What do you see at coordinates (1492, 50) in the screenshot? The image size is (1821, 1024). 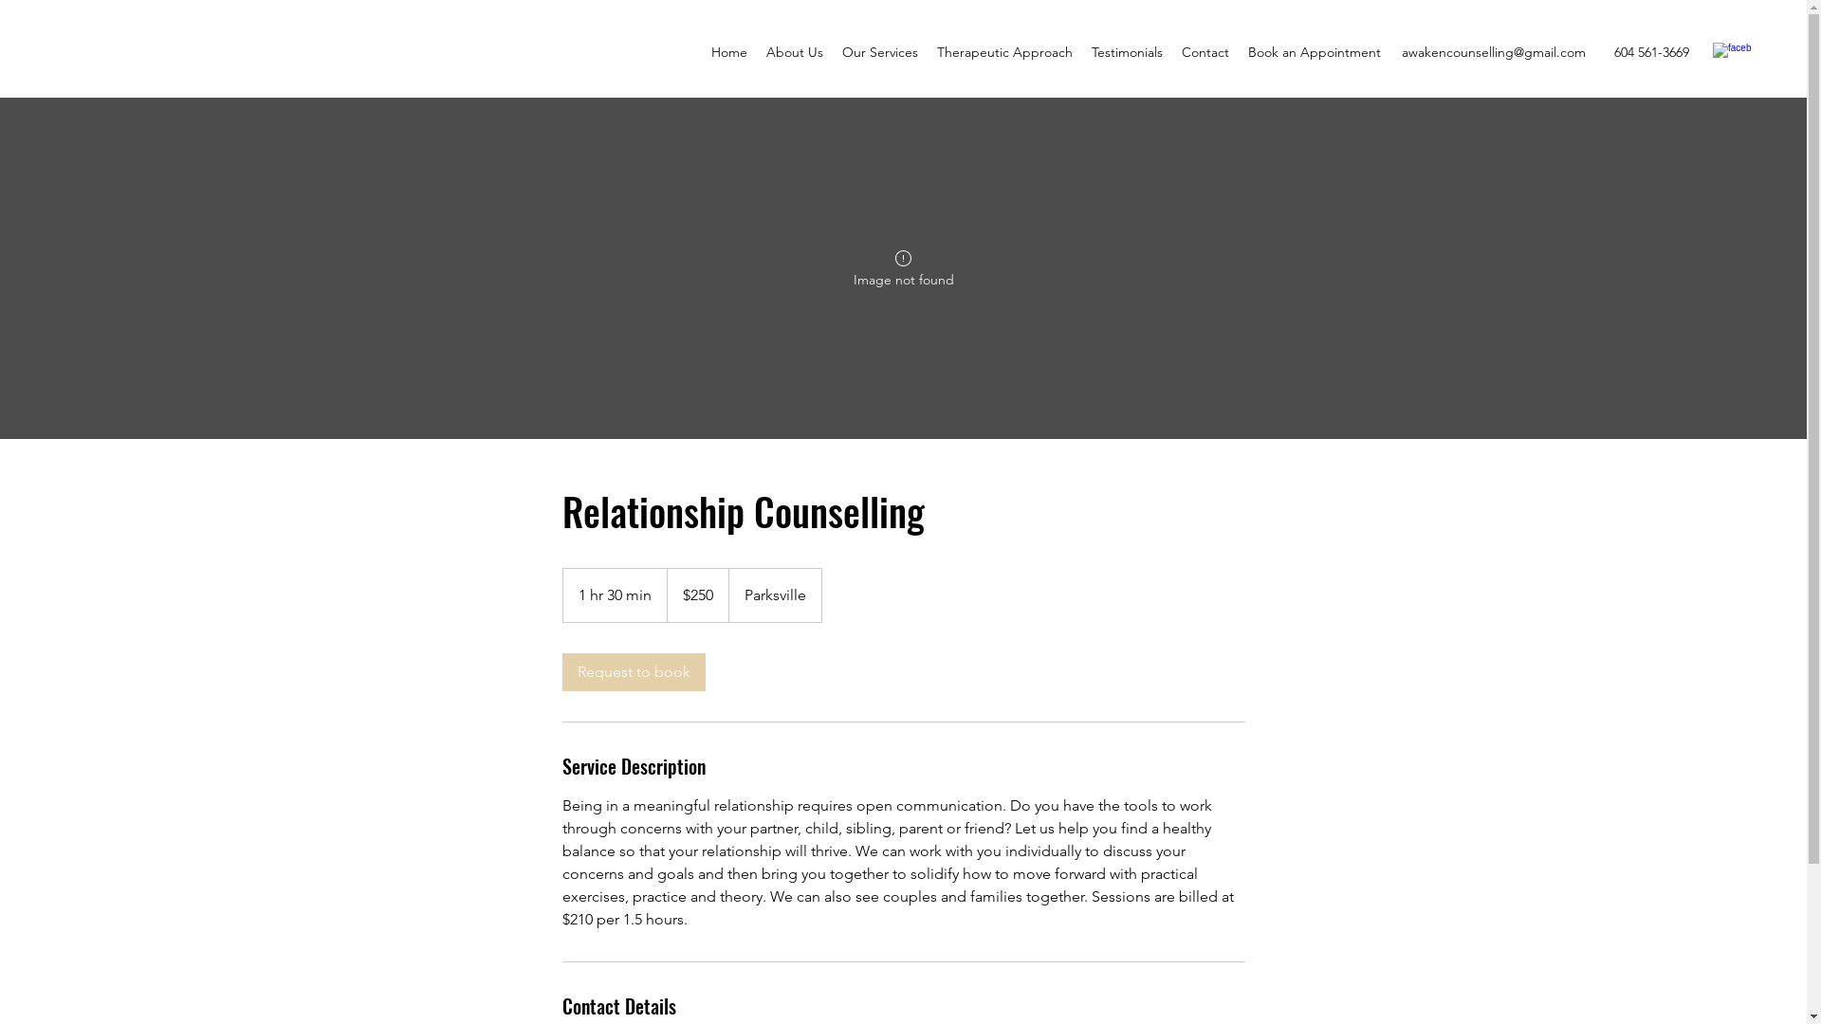 I see `'awakencounselling@gmail.com'` at bounding box center [1492, 50].